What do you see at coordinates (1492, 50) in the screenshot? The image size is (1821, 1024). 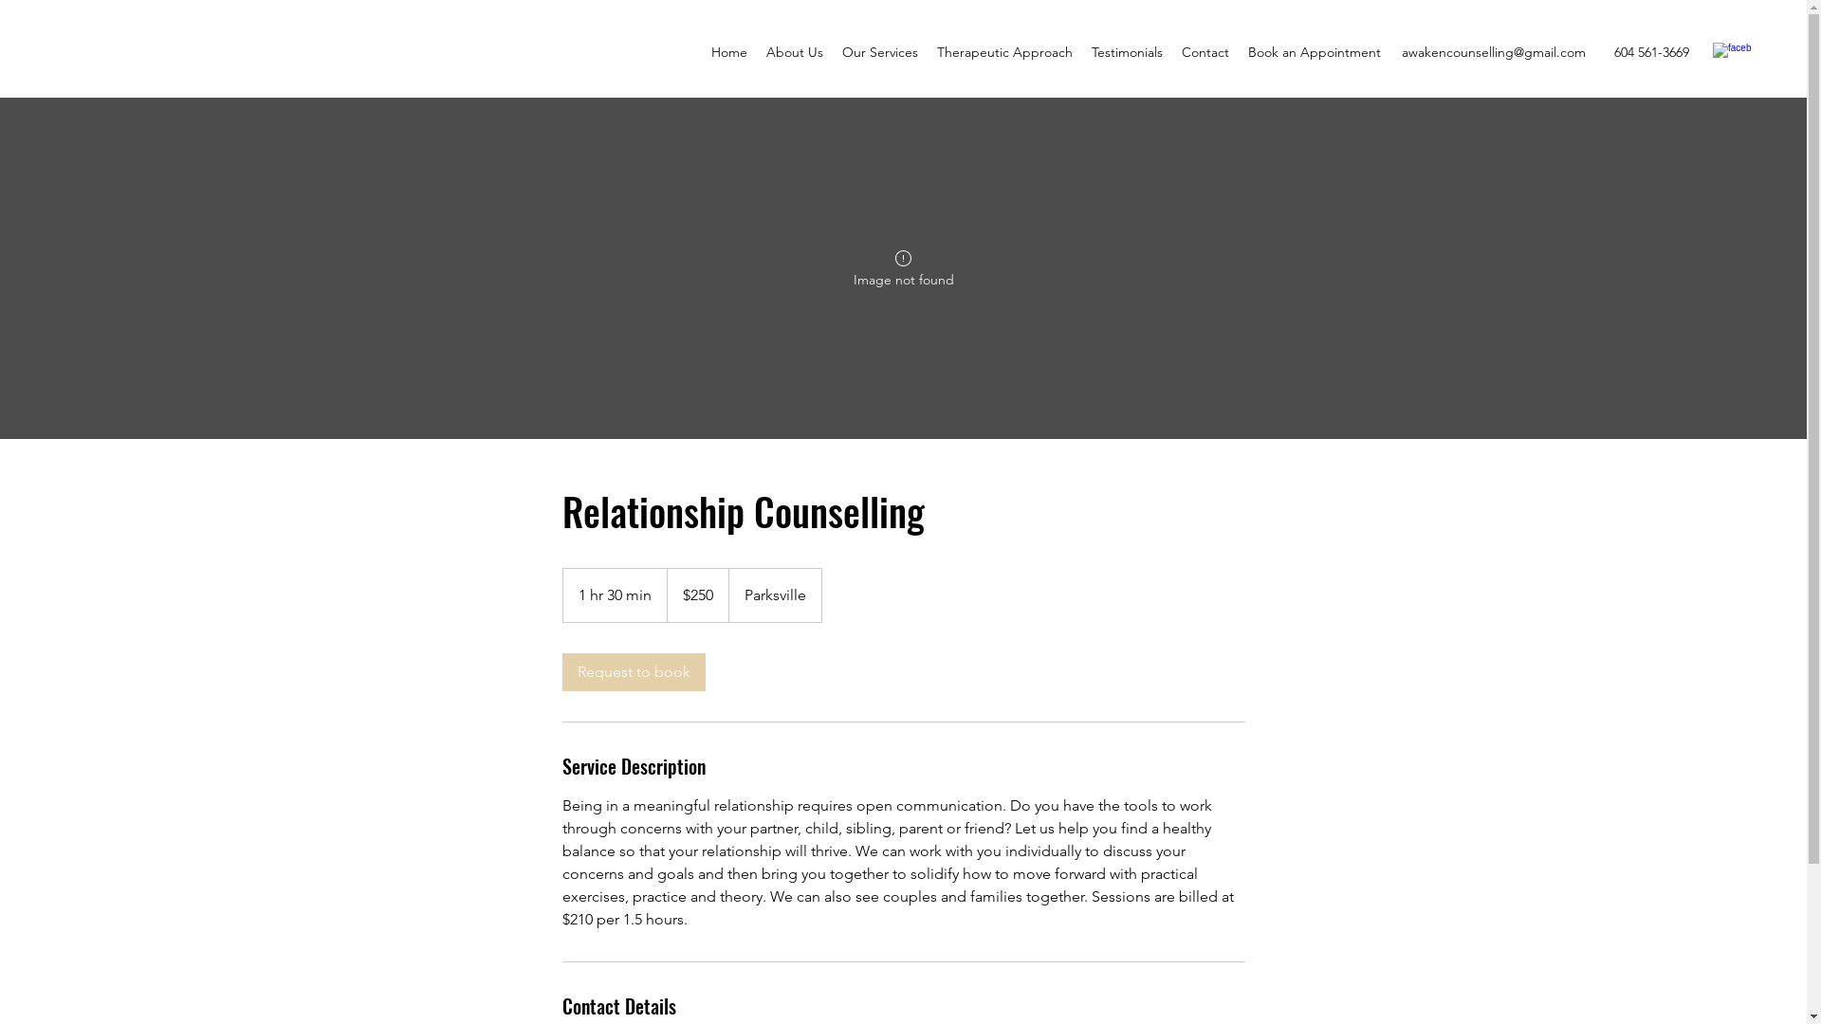 I see `'awakencounselling@gmail.com'` at bounding box center [1492, 50].